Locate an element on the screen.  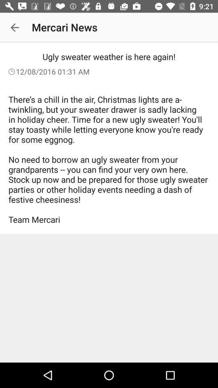
icon next to the mercari news app is located at coordinates (15, 27).